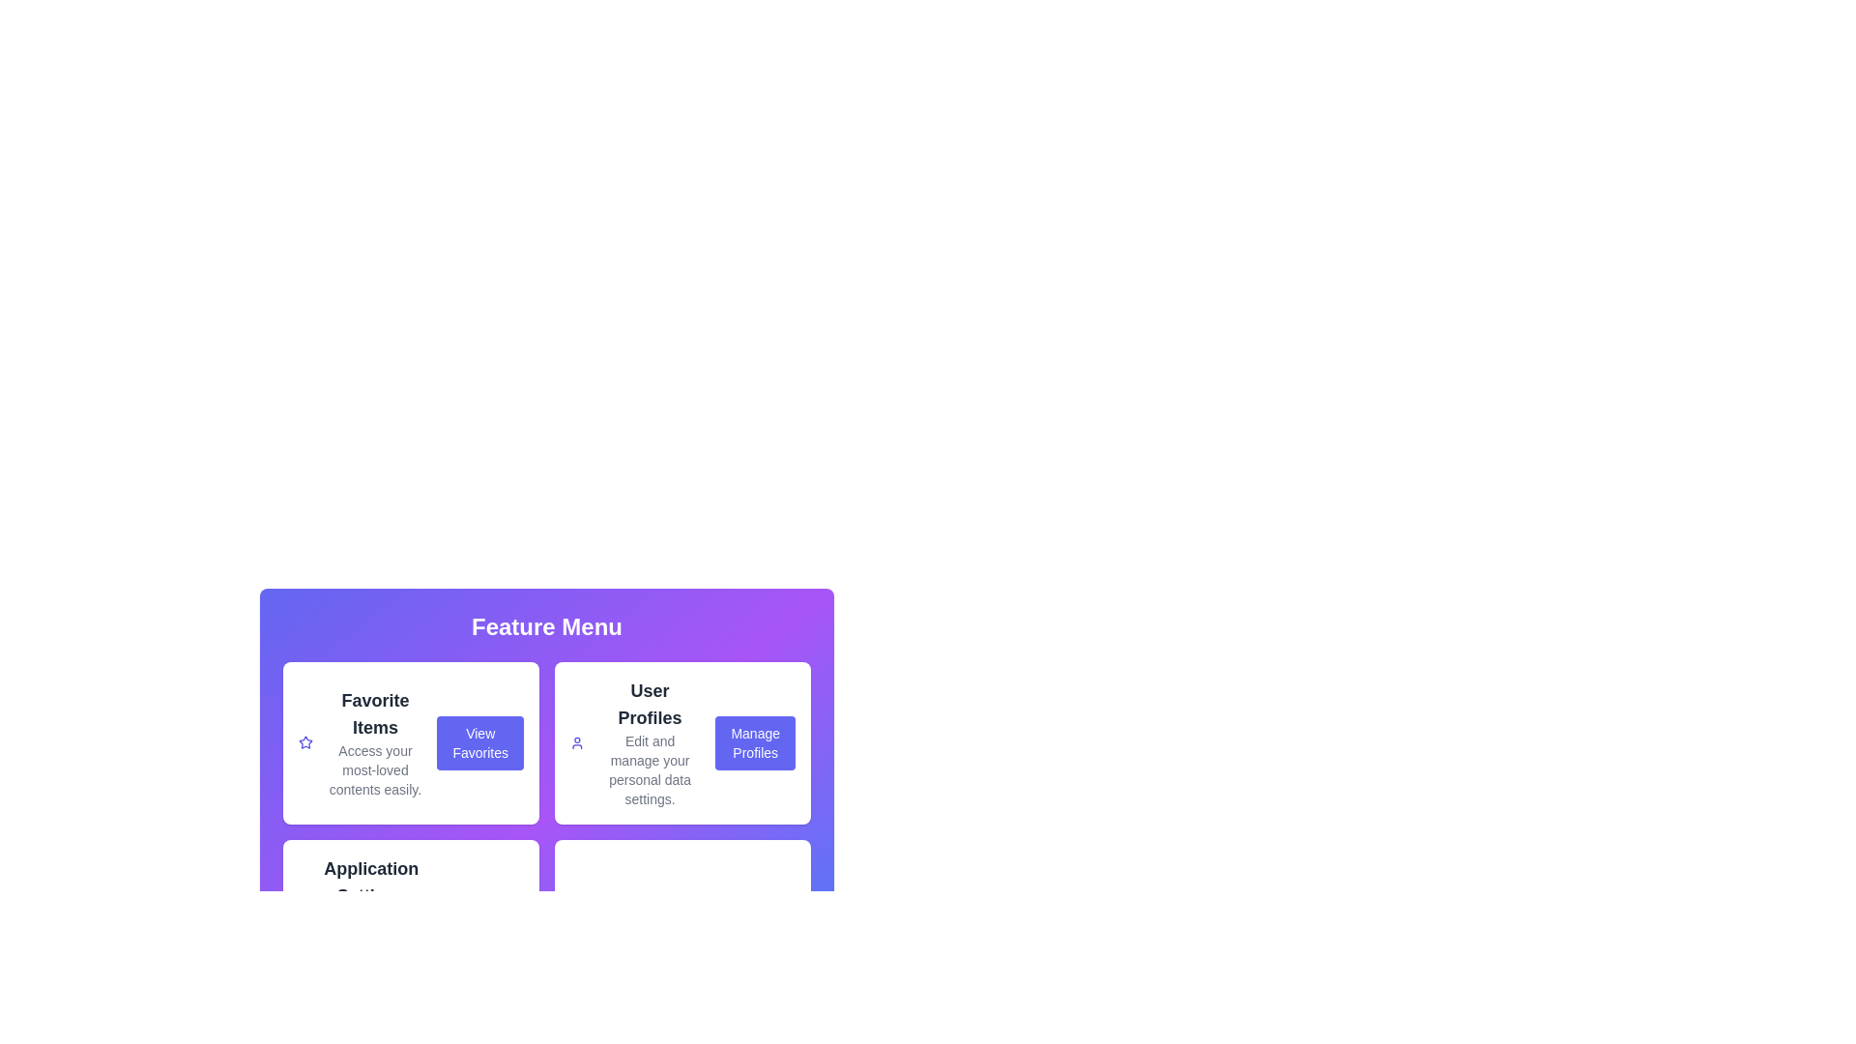 The image size is (1856, 1044). Describe the element at coordinates (576, 741) in the screenshot. I see `the icon corresponding to User Profiles` at that location.